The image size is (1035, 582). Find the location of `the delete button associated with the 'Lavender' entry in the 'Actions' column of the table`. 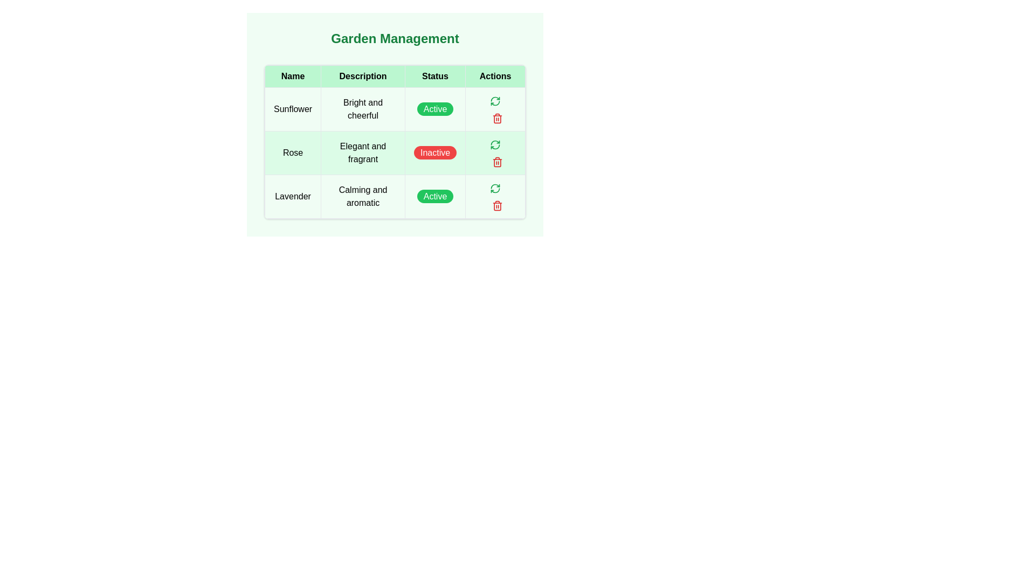

the delete button associated with the 'Lavender' entry in the 'Actions' column of the table is located at coordinates (497, 205).